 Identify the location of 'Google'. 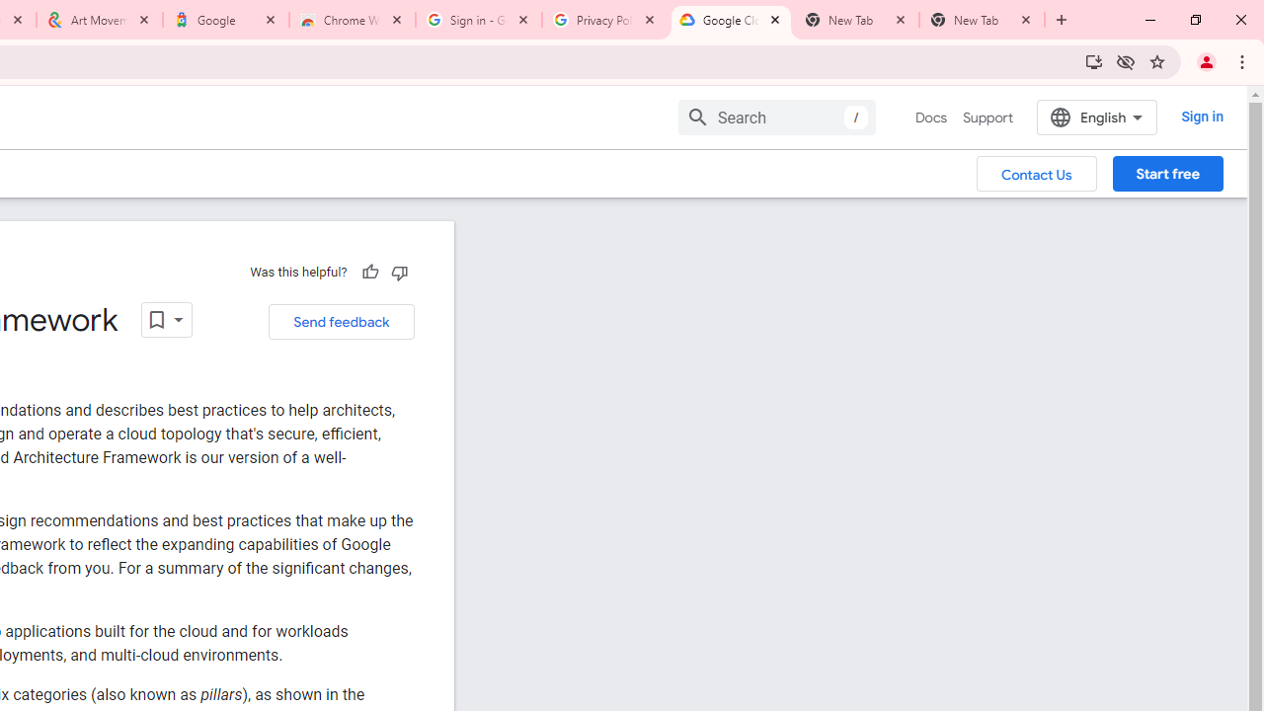
(226, 20).